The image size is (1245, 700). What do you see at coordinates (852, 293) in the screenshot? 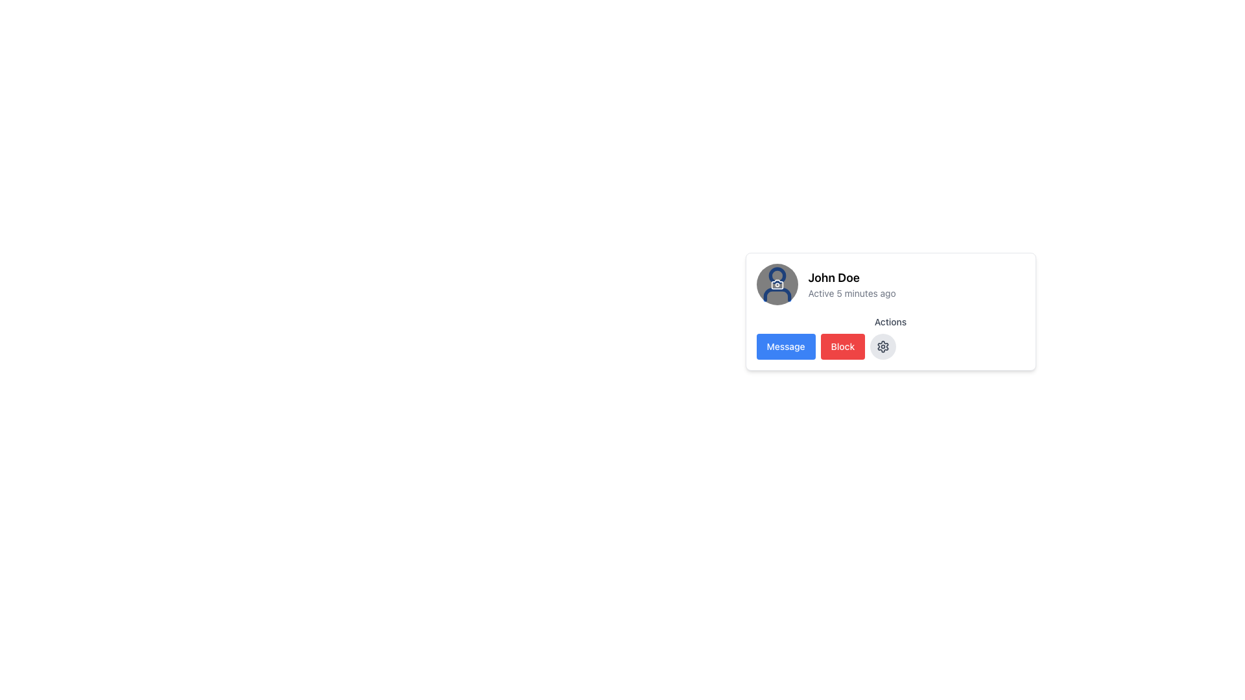
I see `the static text element indicating 'Active 5 minutes ago', which is styled in a smaller font and lighter gray color, located directly below 'John Doe'` at bounding box center [852, 293].